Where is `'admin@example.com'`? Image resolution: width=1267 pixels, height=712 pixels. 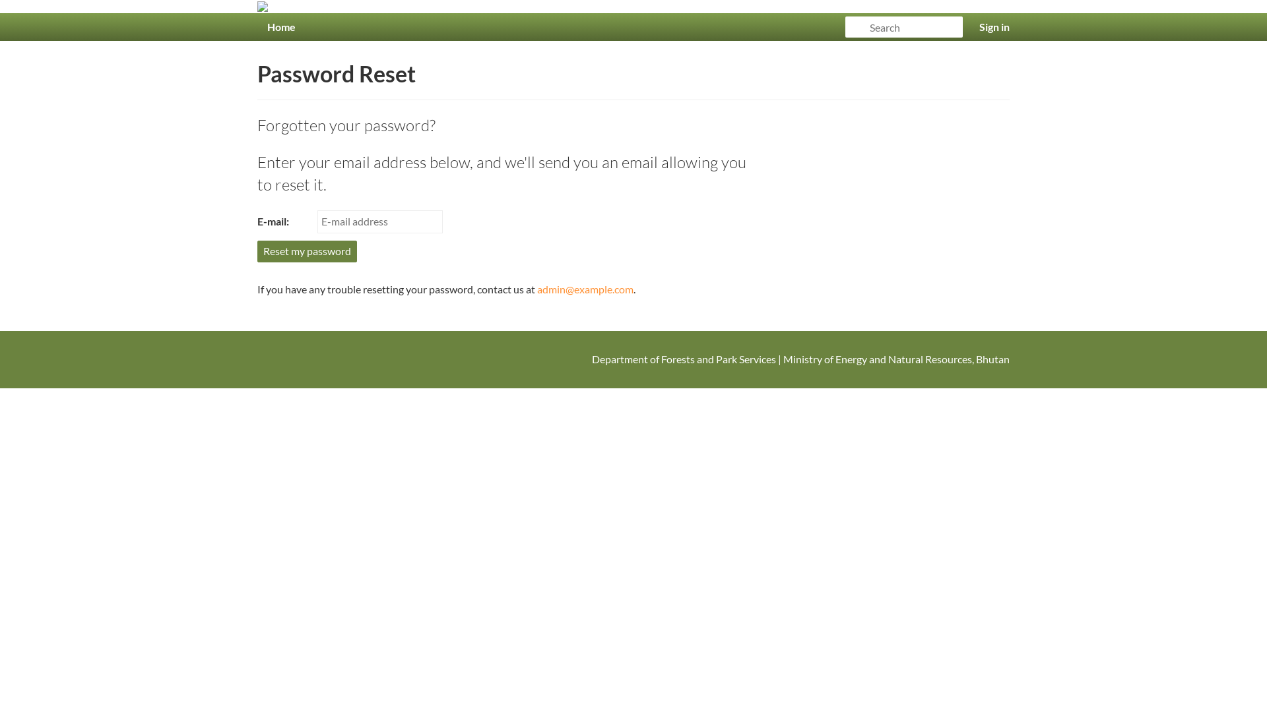
'admin@example.com' is located at coordinates (585, 288).